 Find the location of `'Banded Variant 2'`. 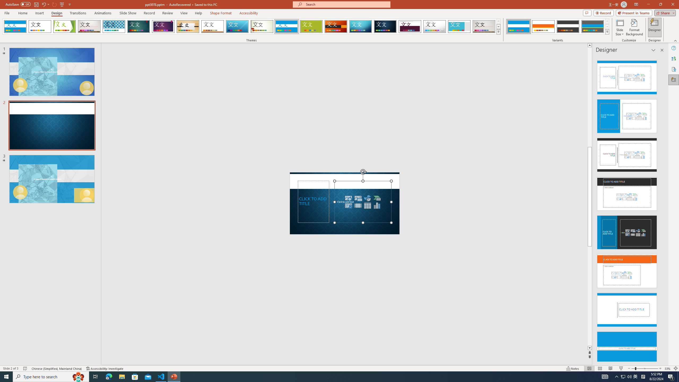

'Banded Variant 2' is located at coordinates (543, 26).